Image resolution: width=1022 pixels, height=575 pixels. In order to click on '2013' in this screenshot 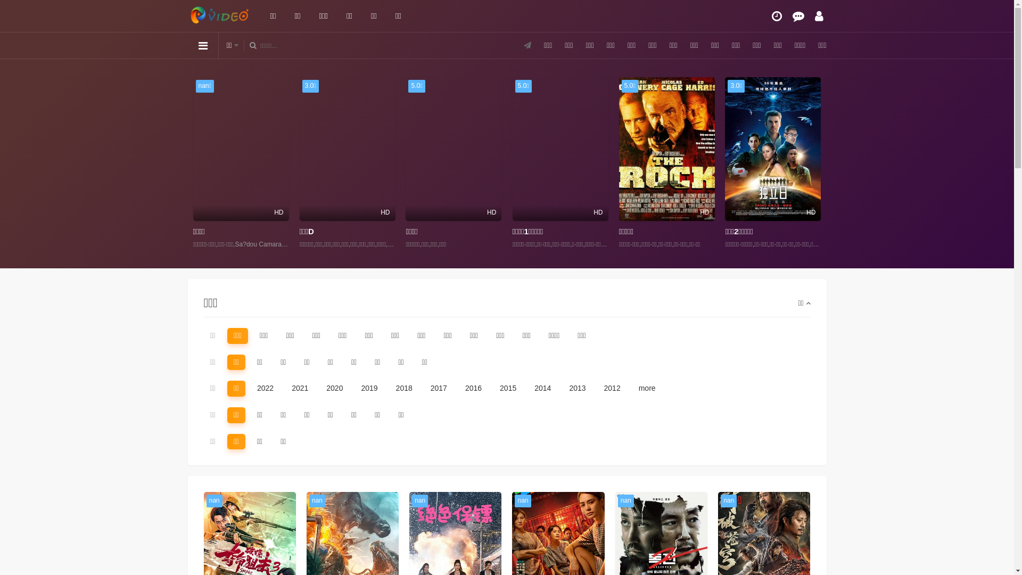, I will do `click(562, 388)`.